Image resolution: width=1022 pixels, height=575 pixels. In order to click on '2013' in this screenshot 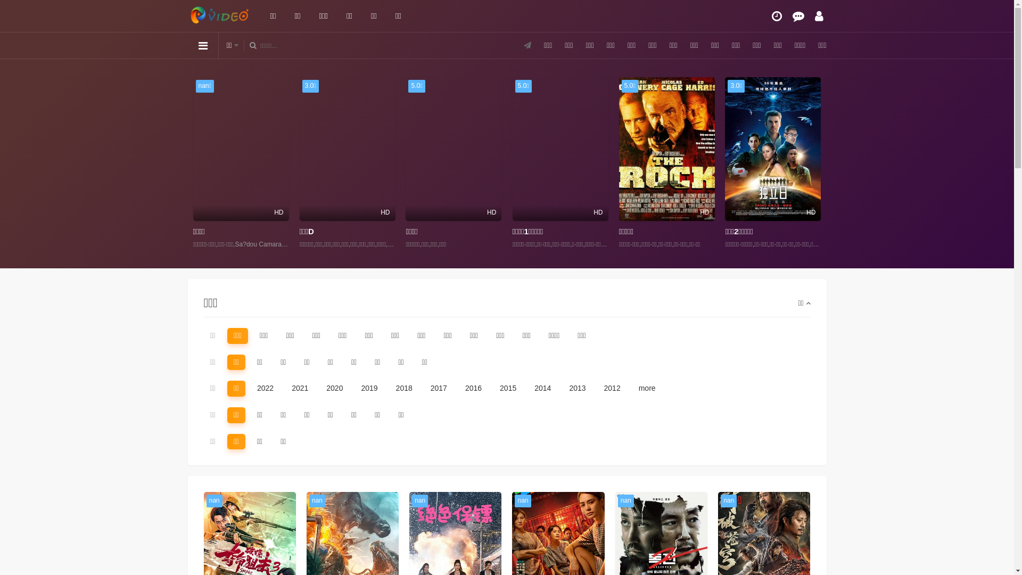, I will do `click(562, 388)`.